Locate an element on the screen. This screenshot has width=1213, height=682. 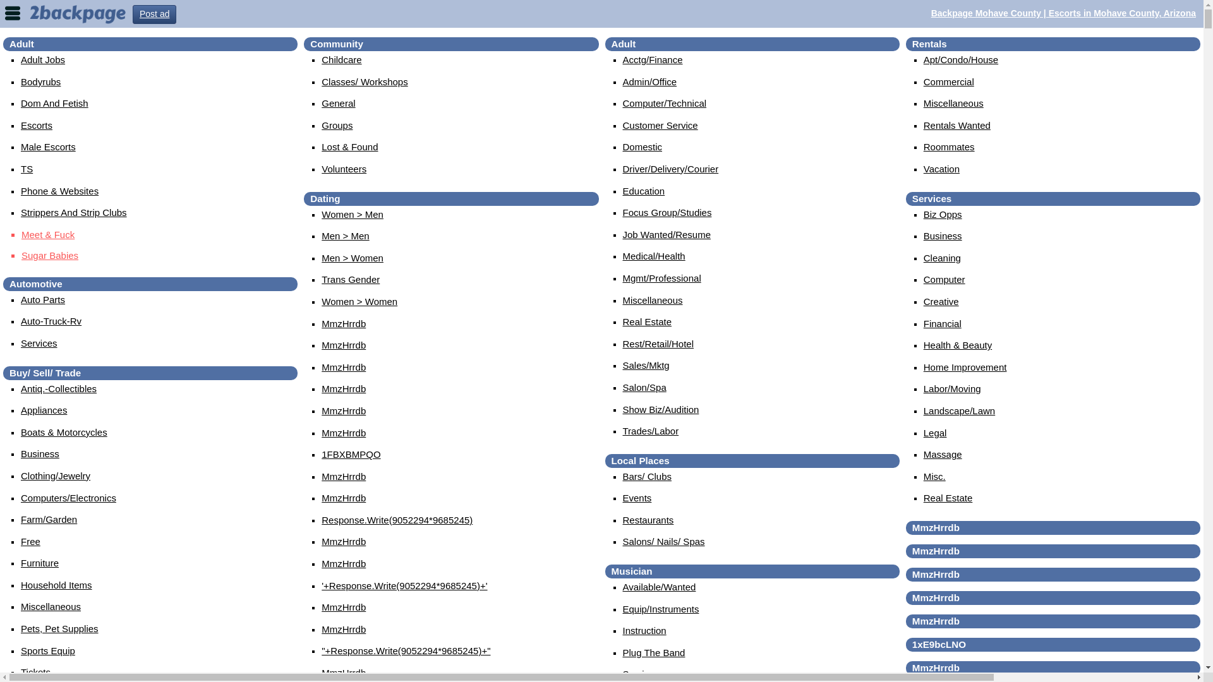
'Classes/ Workshops' is located at coordinates (363, 81).